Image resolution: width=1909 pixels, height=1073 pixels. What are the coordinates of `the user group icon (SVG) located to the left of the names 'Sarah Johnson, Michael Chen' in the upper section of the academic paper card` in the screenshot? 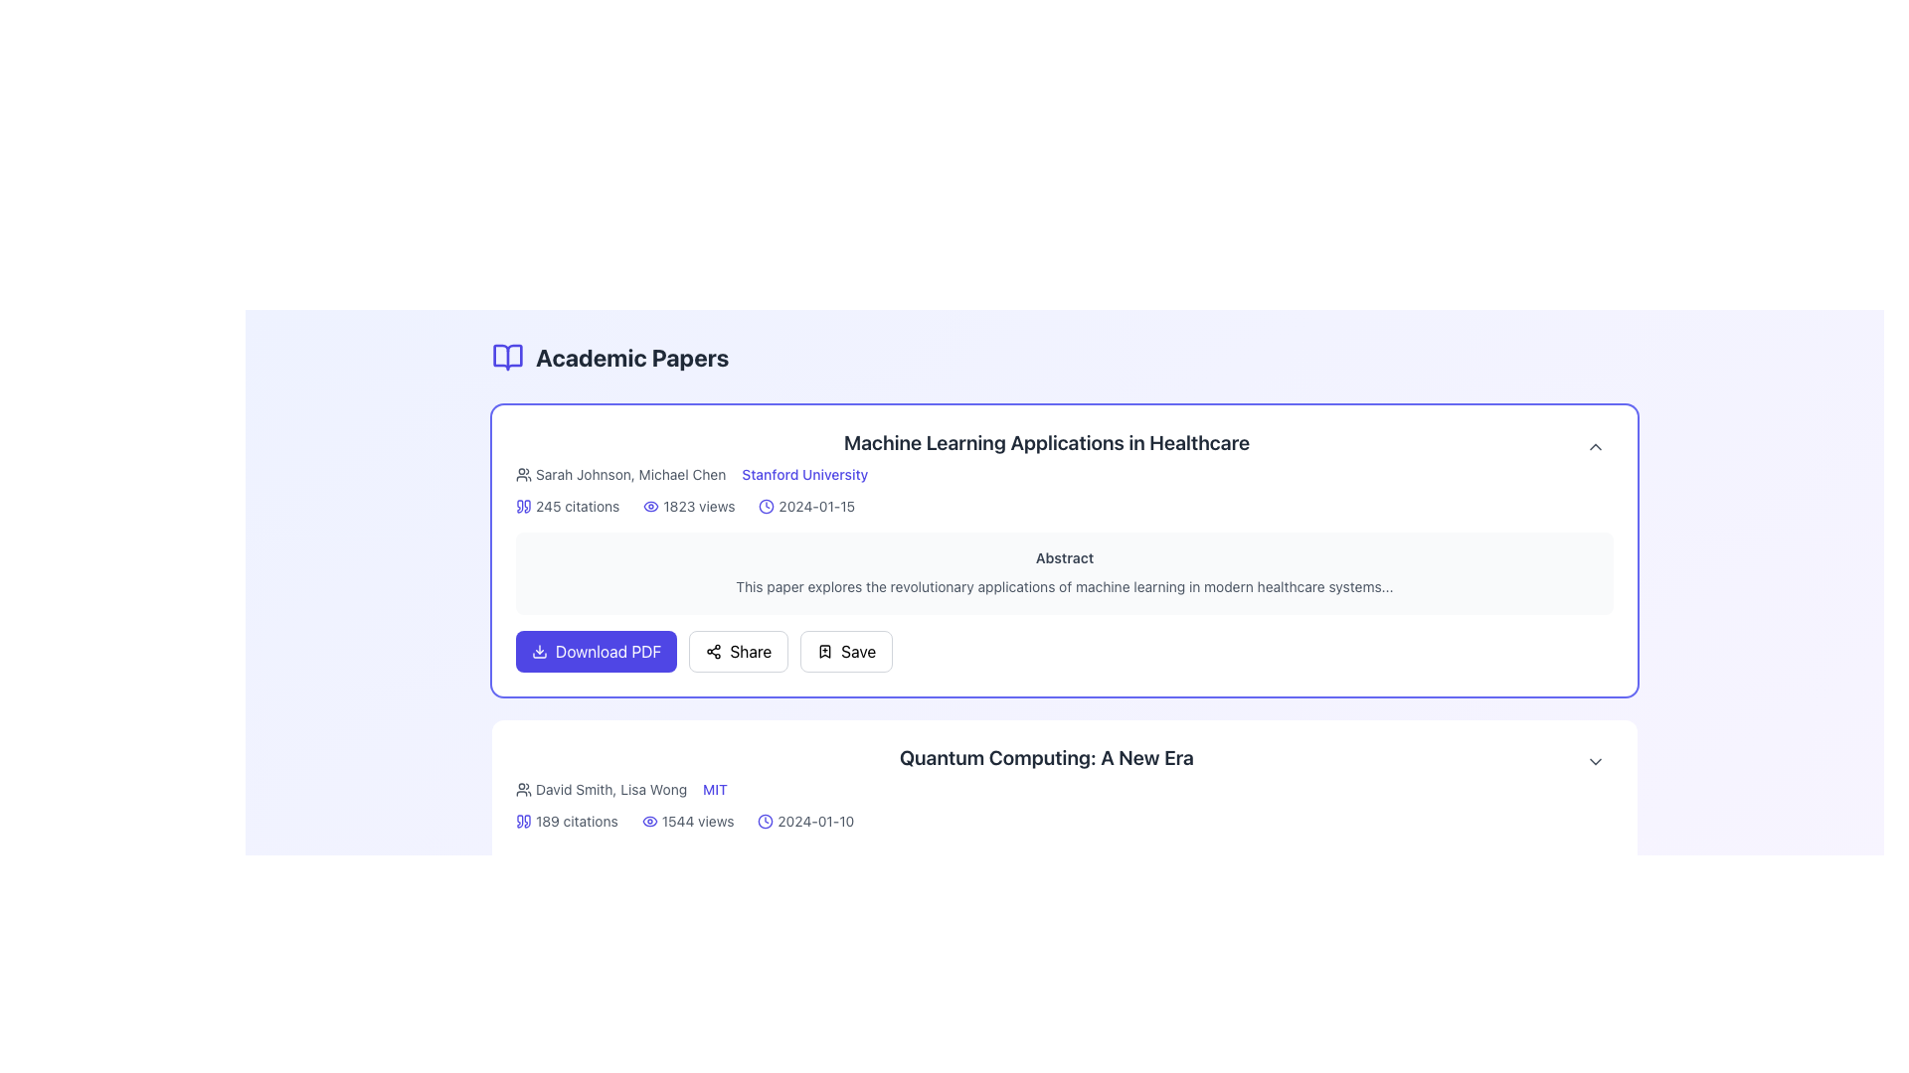 It's located at (524, 475).